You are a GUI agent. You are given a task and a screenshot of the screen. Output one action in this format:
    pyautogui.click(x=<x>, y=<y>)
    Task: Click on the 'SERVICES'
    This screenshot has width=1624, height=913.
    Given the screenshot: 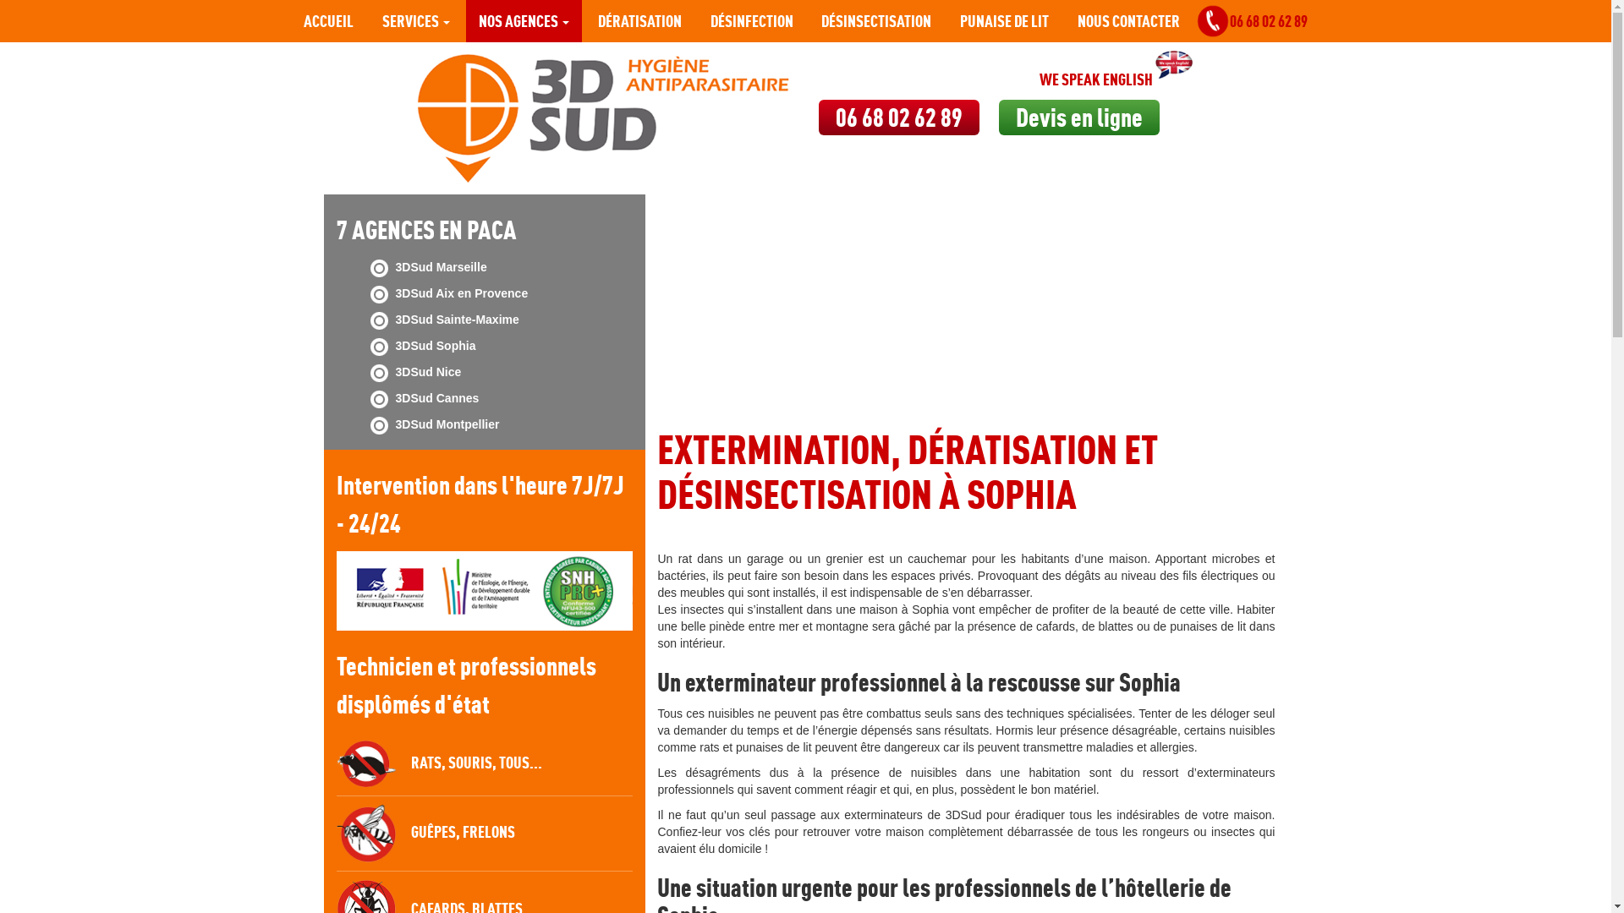 What is the action you would take?
    pyautogui.click(x=415, y=20)
    